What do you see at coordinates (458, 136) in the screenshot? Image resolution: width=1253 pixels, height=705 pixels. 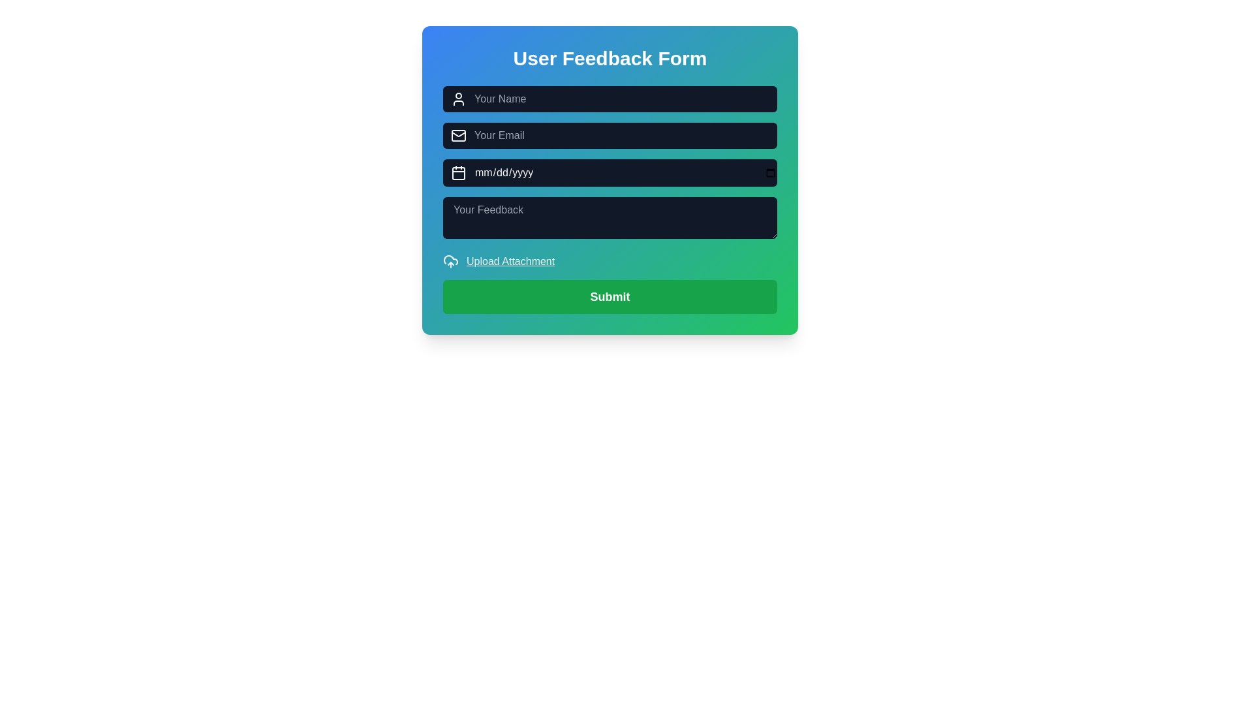 I see `the envelope icon that symbolizes email, located to the left of the email input field in the user feedback form` at bounding box center [458, 136].